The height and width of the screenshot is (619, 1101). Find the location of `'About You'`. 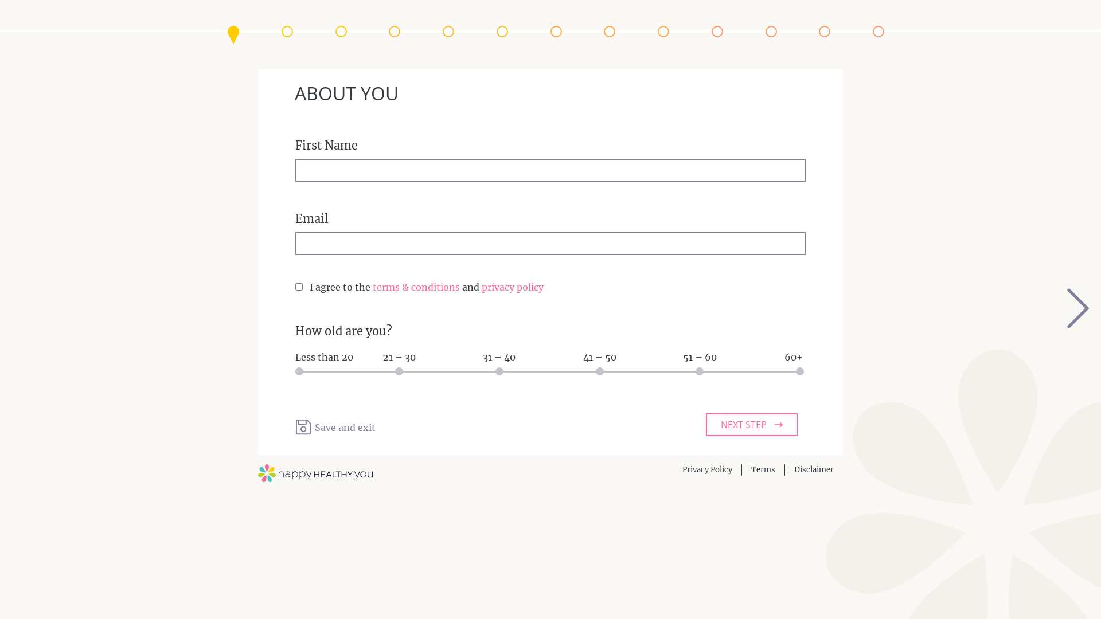

'About You' is located at coordinates (233, 30).